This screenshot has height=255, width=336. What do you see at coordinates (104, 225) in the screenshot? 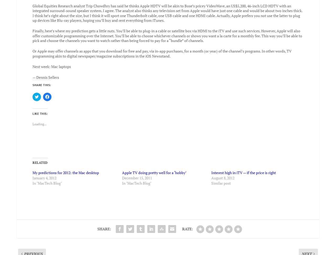
I see `'Share:'` at bounding box center [104, 225].